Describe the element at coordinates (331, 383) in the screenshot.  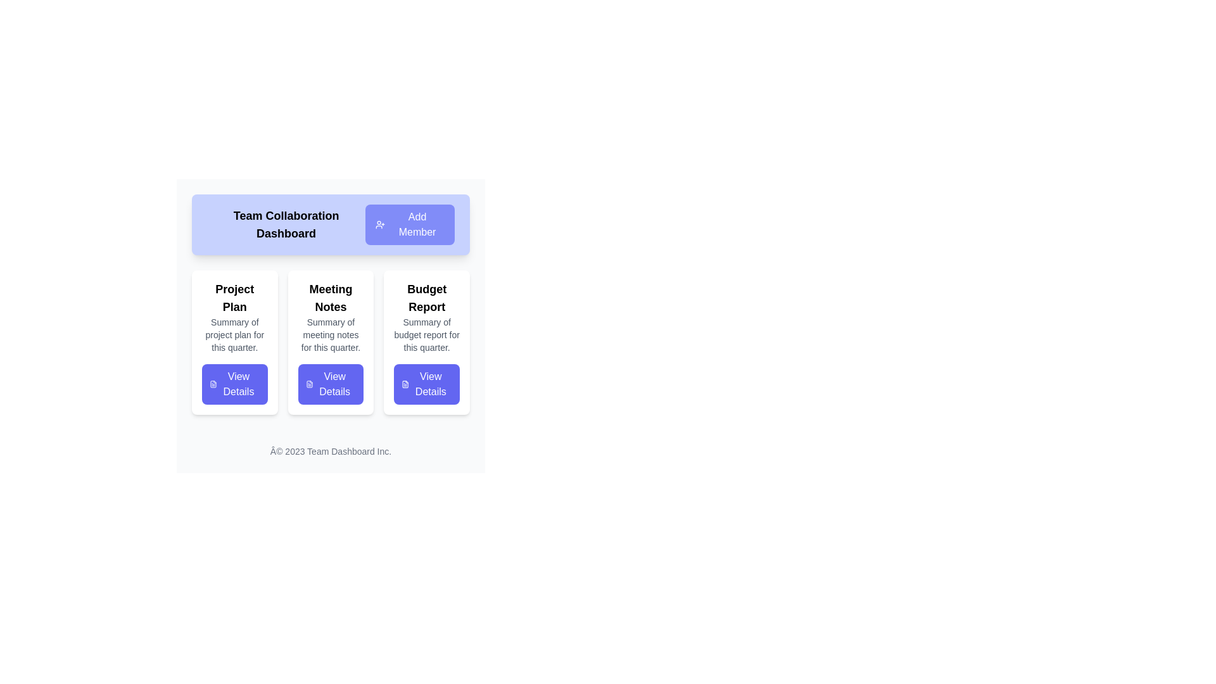
I see `the 'Meeting Notes' button located at the bottom center of the 'Meeting Notes' card for keyboard interaction` at that location.